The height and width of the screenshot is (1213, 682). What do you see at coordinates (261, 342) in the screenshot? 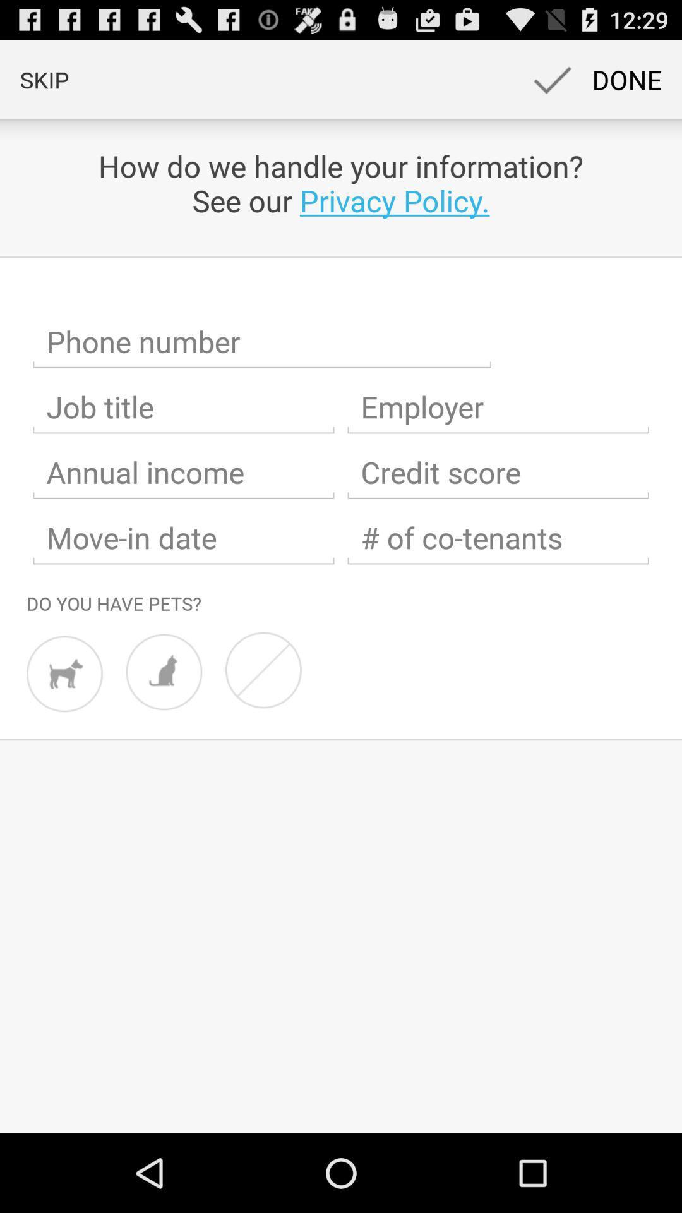
I see `input phone number` at bounding box center [261, 342].